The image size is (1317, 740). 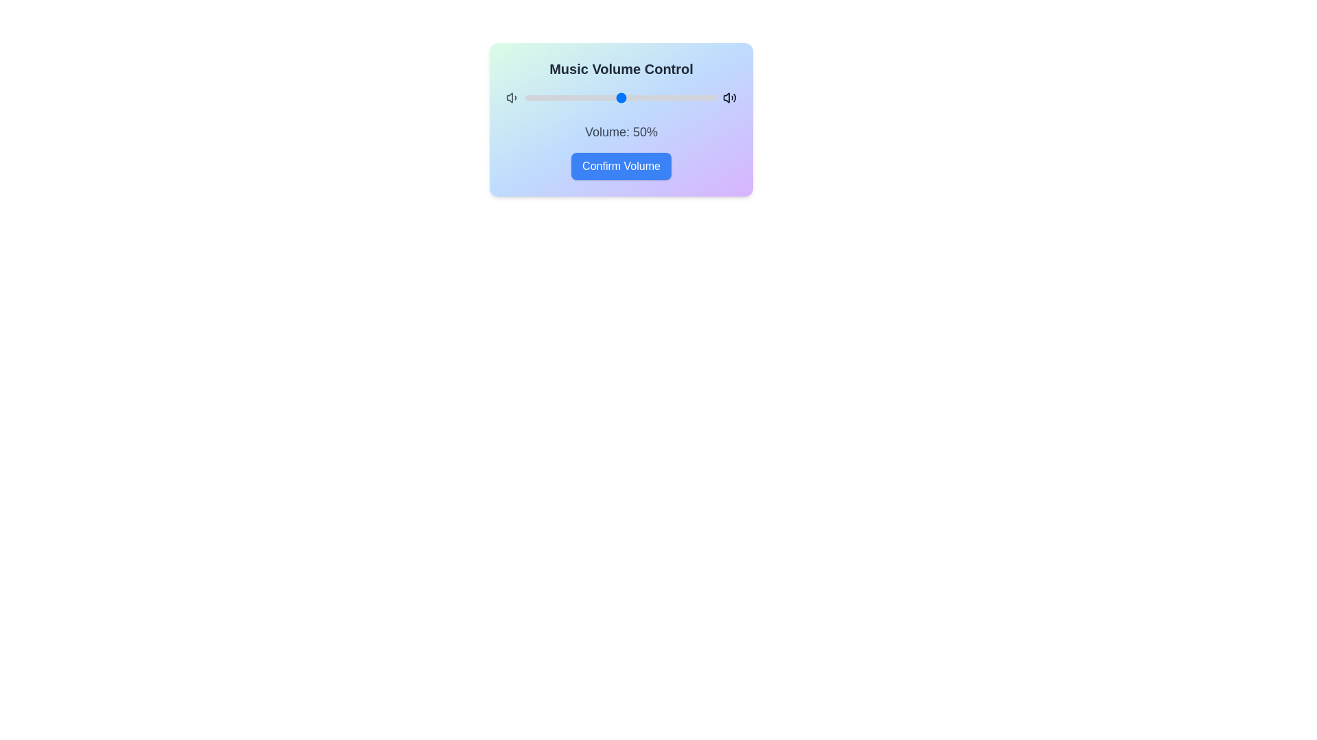 What do you see at coordinates (687, 97) in the screenshot?
I see `the volume slider to set the volume to 84%` at bounding box center [687, 97].